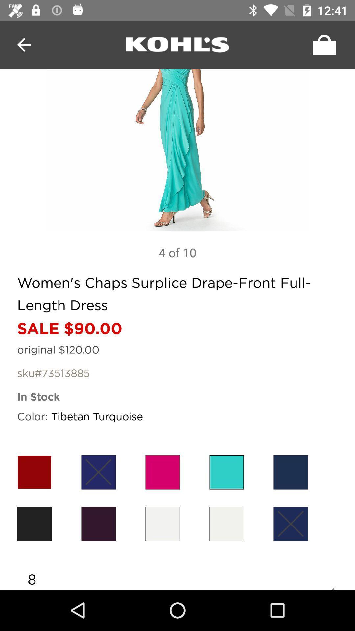  Describe the element at coordinates (290, 524) in the screenshot. I see `the symbol of cross mark` at that location.